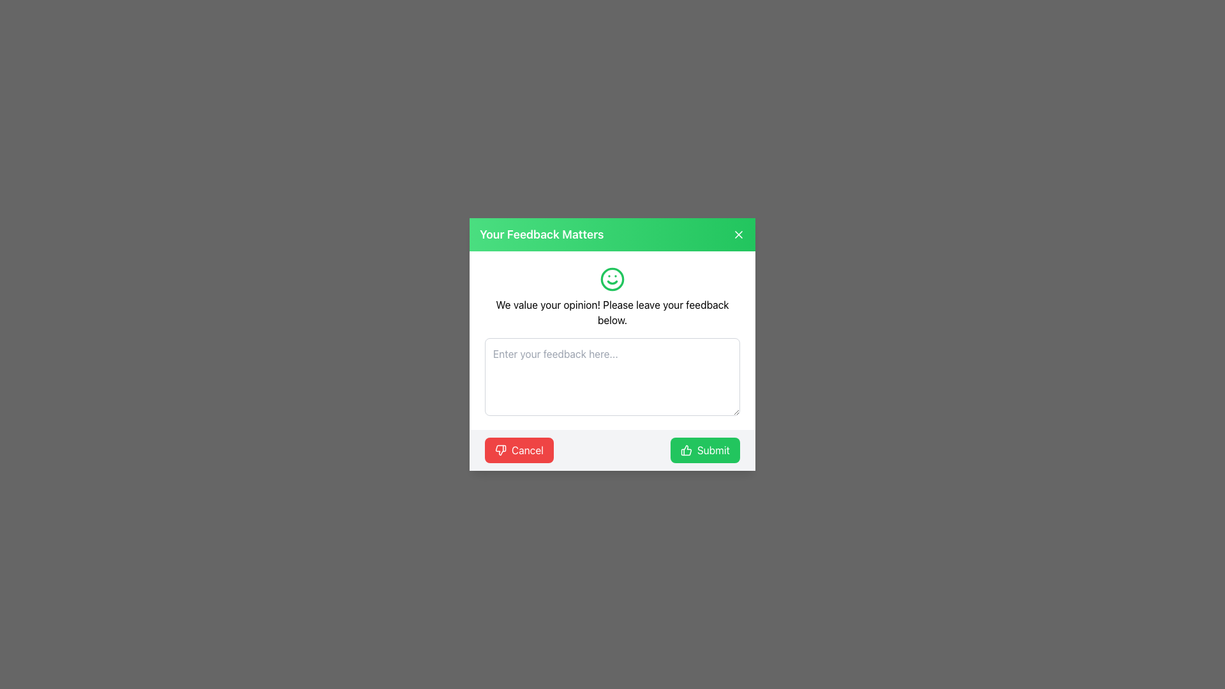 The height and width of the screenshot is (689, 1225). Describe the element at coordinates (542, 234) in the screenshot. I see `the bold, green text label reading 'Your Feedback Matters' located at the top of the feedback modal window` at that location.